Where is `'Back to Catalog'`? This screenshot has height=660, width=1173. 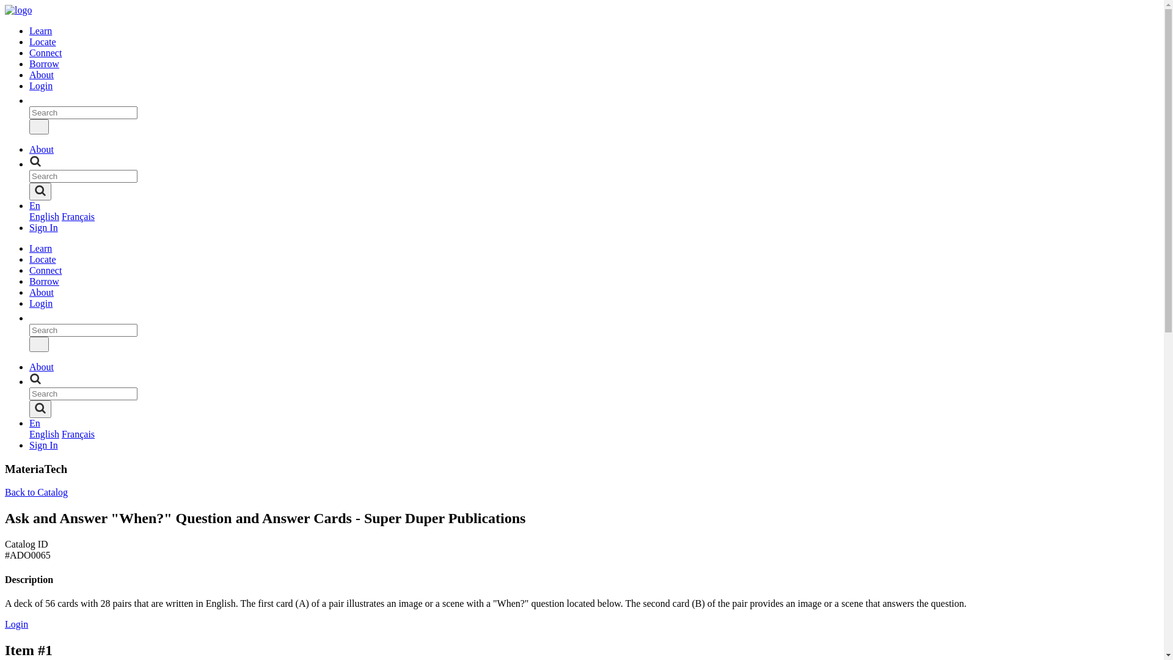 'Back to Catalog' is located at coordinates (36, 491).